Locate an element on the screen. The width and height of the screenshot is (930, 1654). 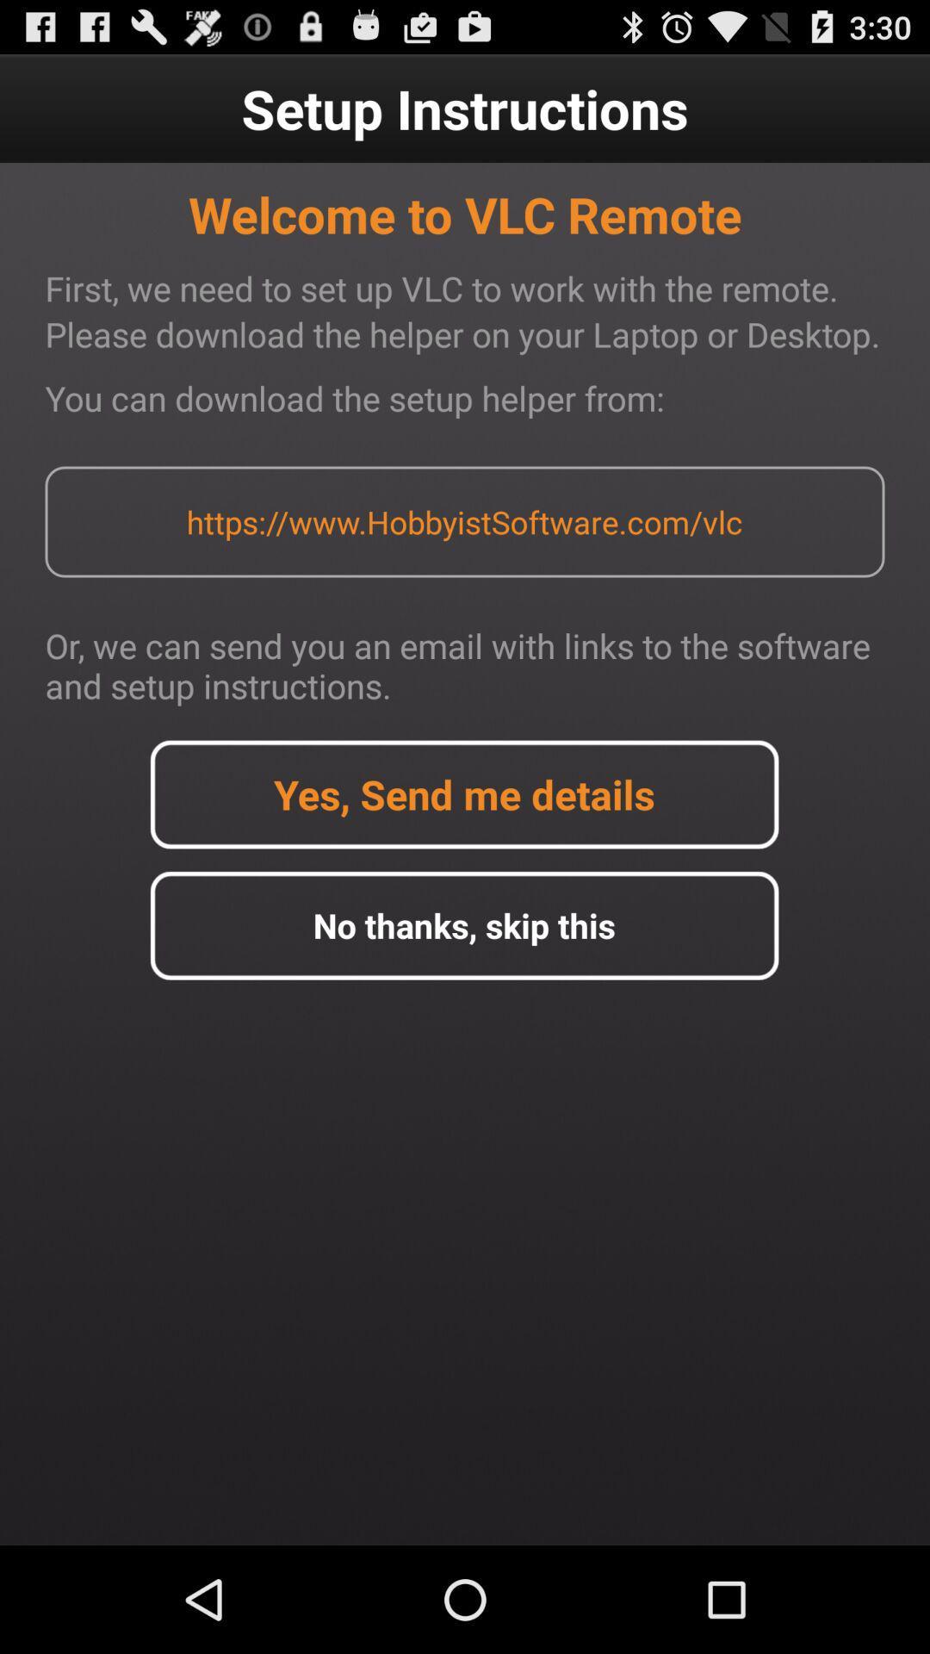
skip step is located at coordinates (463, 924).